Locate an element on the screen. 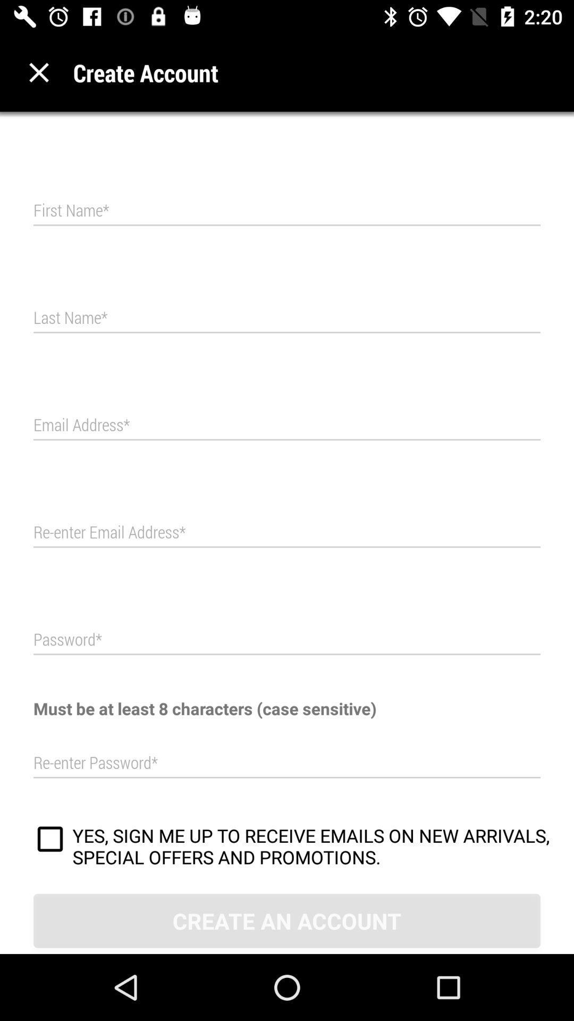 The image size is (574, 1021). icon next to the yes sign me is located at coordinates (50, 840).